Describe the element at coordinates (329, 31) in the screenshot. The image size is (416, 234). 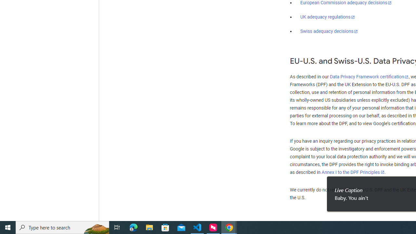
I see `'Swiss adequacy decisions'` at that location.